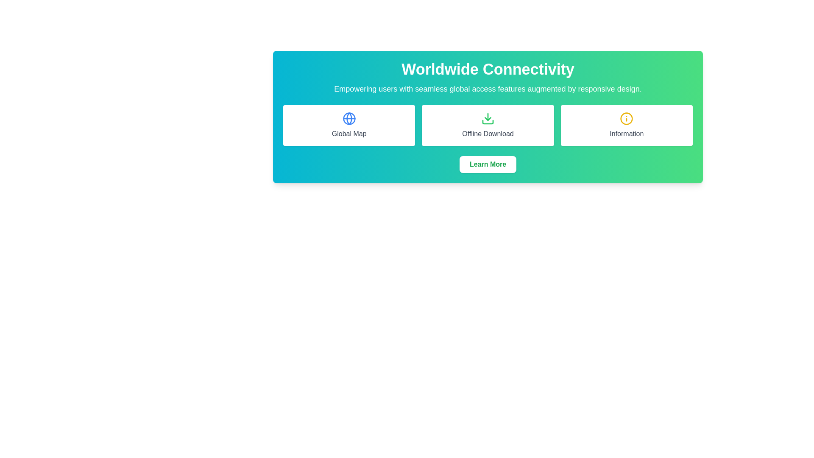 The height and width of the screenshot is (458, 814). I want to click on the 'Learn More' button with green text and a white background, so click(488, 165).